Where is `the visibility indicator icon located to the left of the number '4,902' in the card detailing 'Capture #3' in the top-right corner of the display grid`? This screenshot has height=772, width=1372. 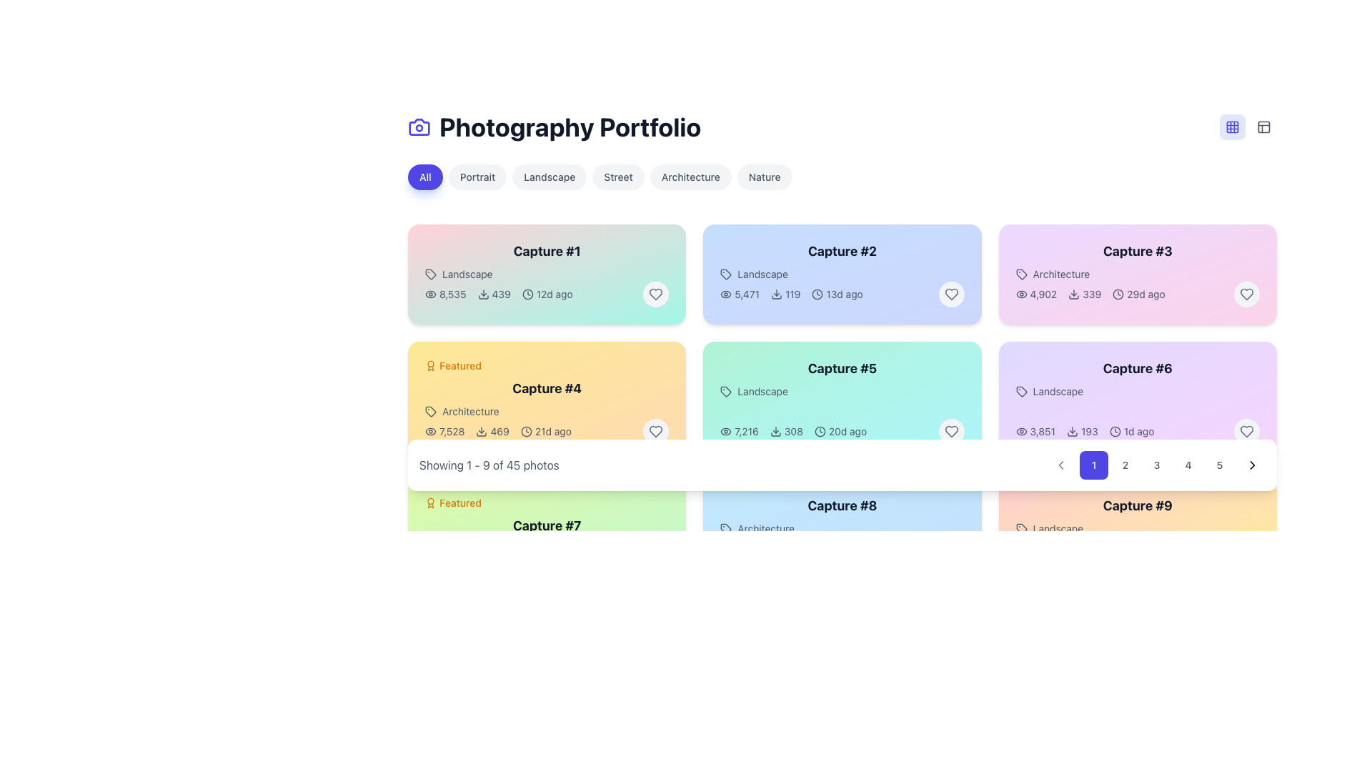
the visibility indicator icon located to the left of the number '4,902' in the card detailing 'Capture #3' in the top-right corner of the display grid is located at coordinates (1020, 294).